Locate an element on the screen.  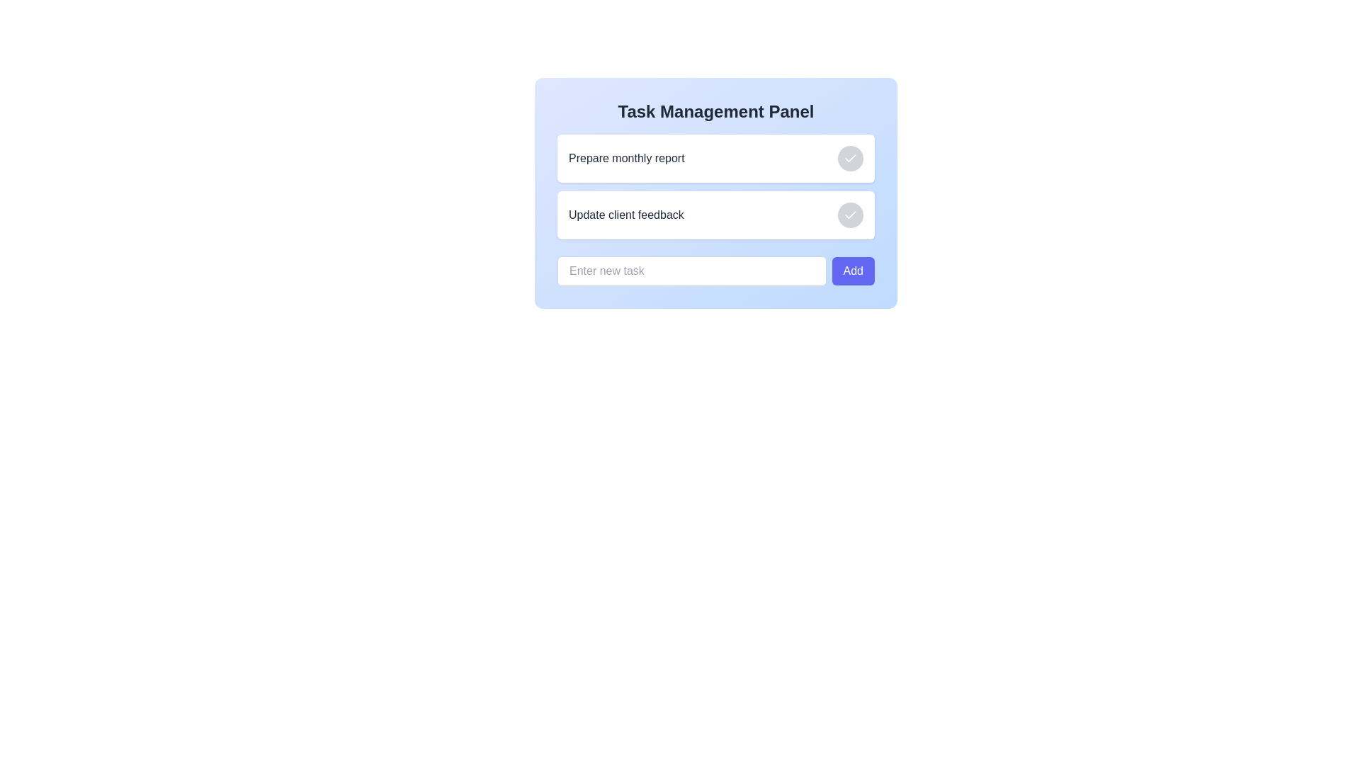
a task item is located at coordinates (716, 186).